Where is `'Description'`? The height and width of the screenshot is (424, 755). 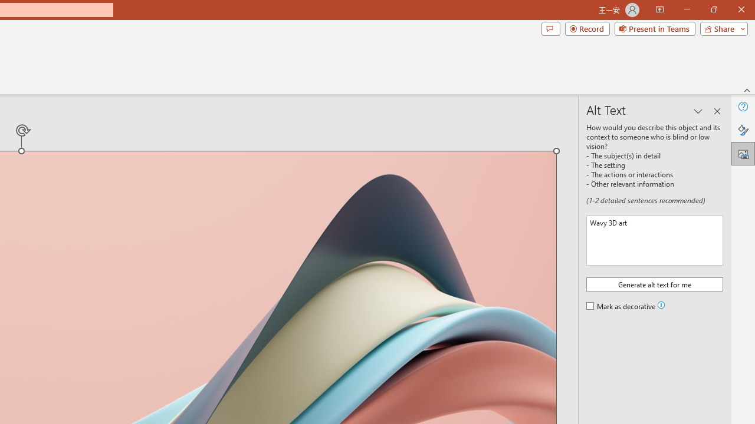 'Description' is located at coordinates (654, 240).